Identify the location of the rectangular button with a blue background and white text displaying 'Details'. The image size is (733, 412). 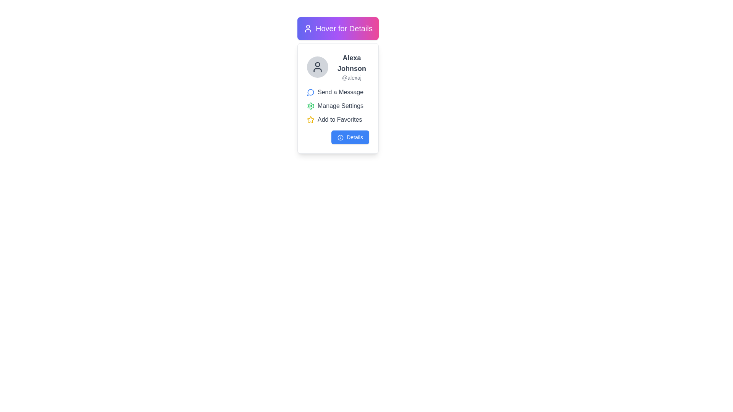
(350, 137).